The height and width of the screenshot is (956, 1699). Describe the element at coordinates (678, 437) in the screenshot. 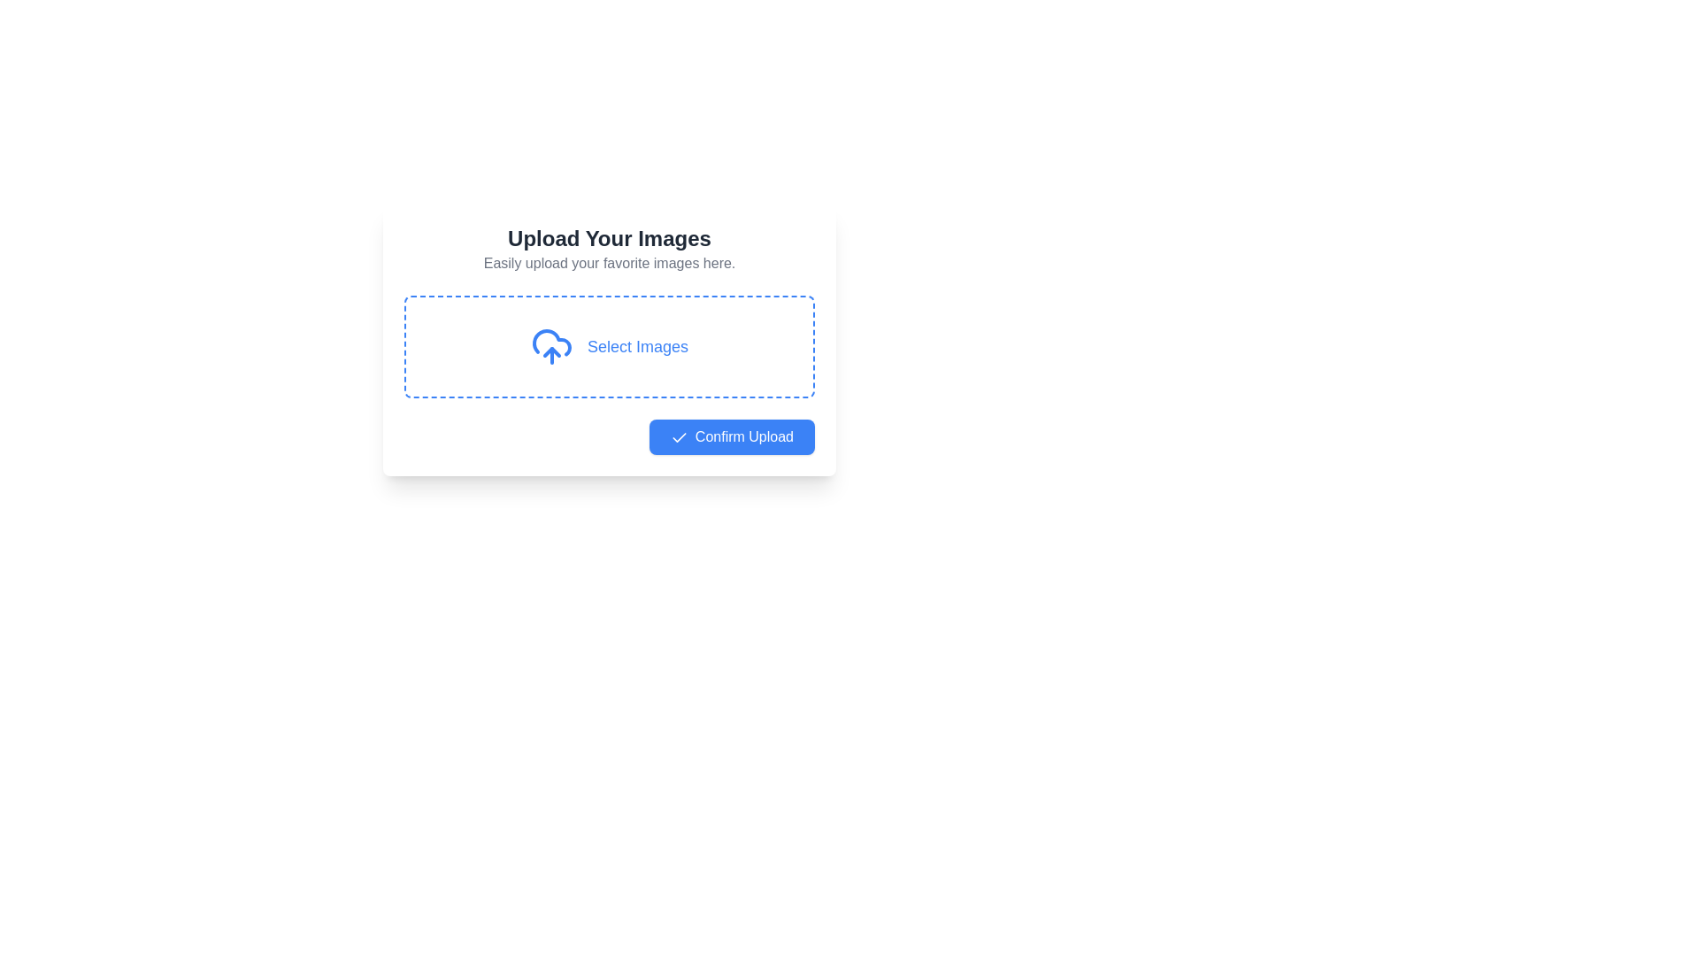

I see `the checkmark icon which visually indicates confirmation or approval for the 'Confirm Upload' button` at that location.